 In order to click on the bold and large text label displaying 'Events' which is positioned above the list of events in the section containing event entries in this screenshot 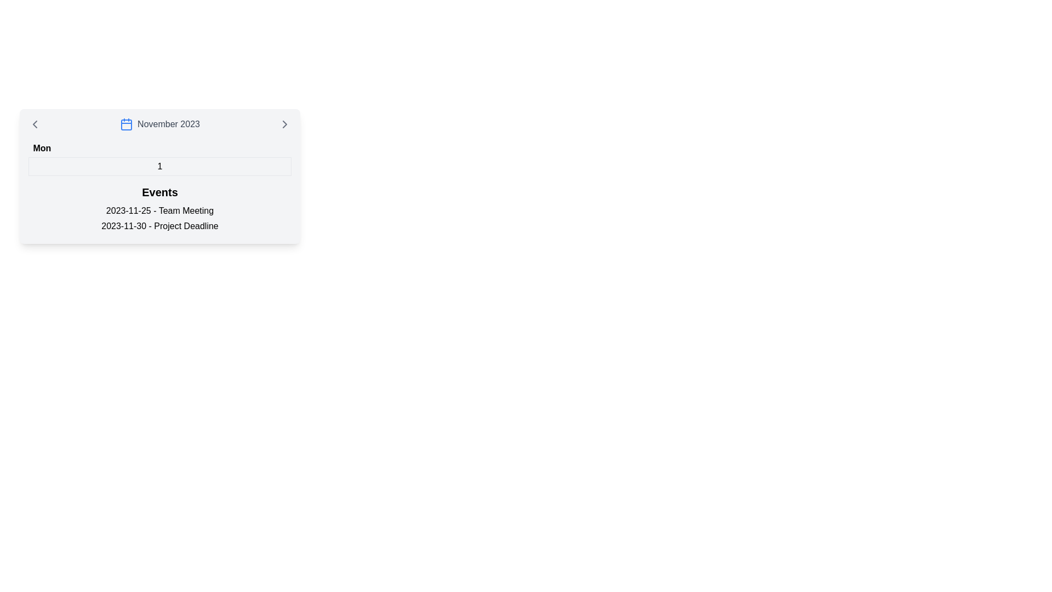, I will do `click(159, 192)`.